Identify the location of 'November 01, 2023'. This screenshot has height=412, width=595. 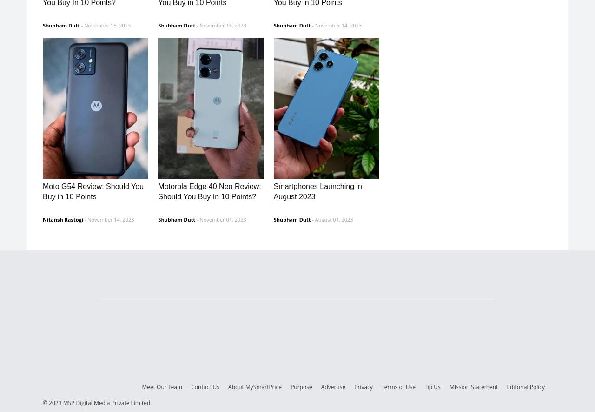
(222, 218).